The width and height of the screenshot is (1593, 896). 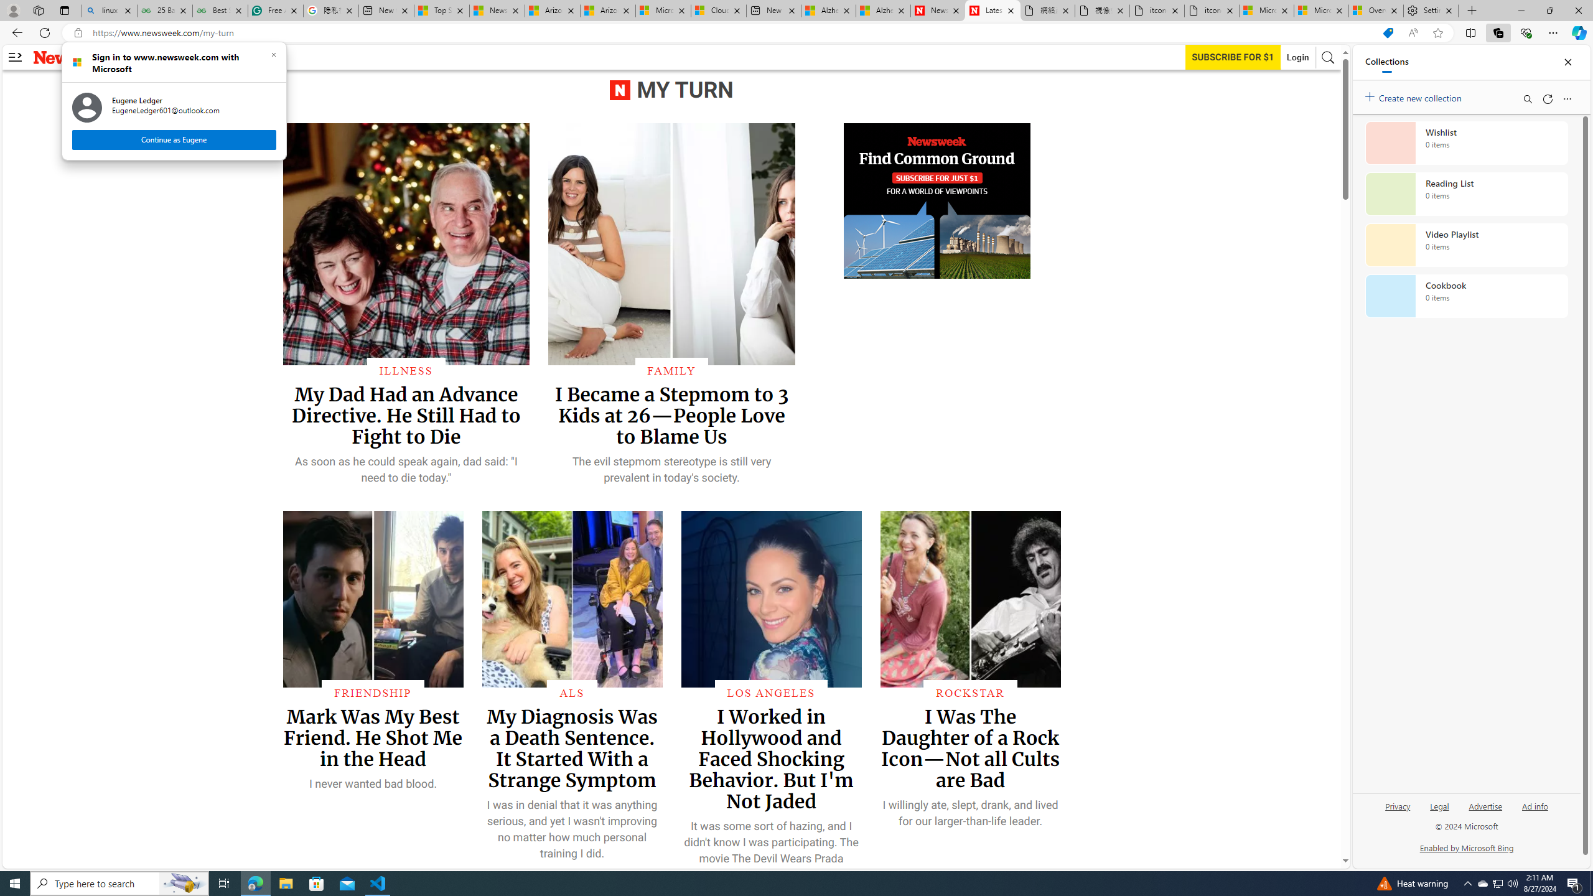 I want to click on 'Reading List collection, 0 items', so click(x=1466, y=193).